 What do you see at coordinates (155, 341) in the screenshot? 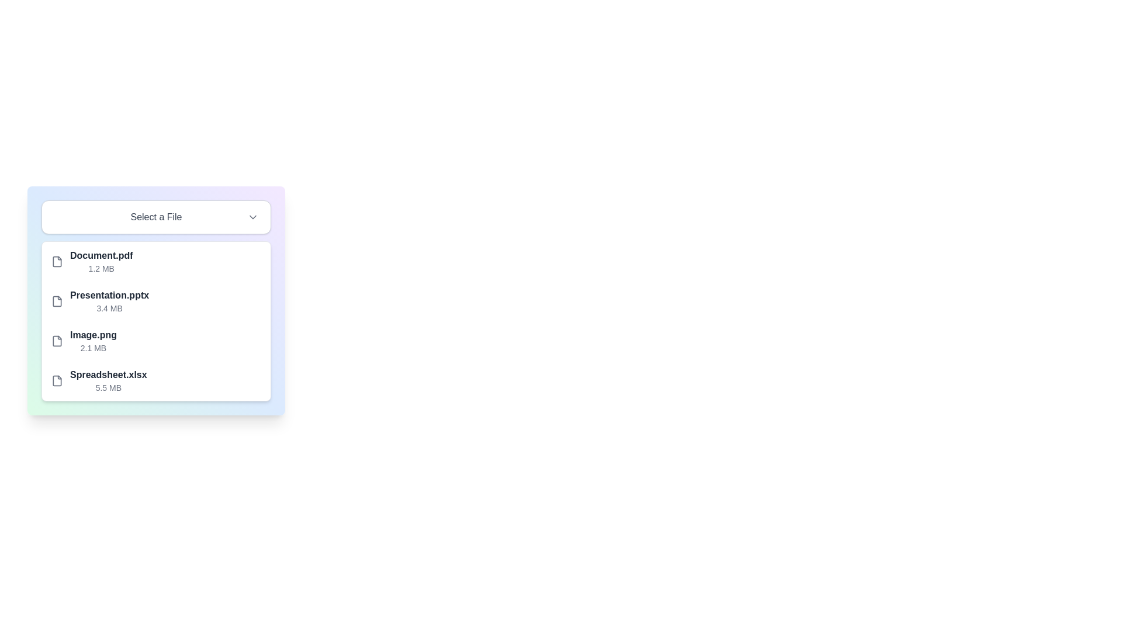
I see `the list item representing the file 'Image.png'` at bounding box center [155, 341].